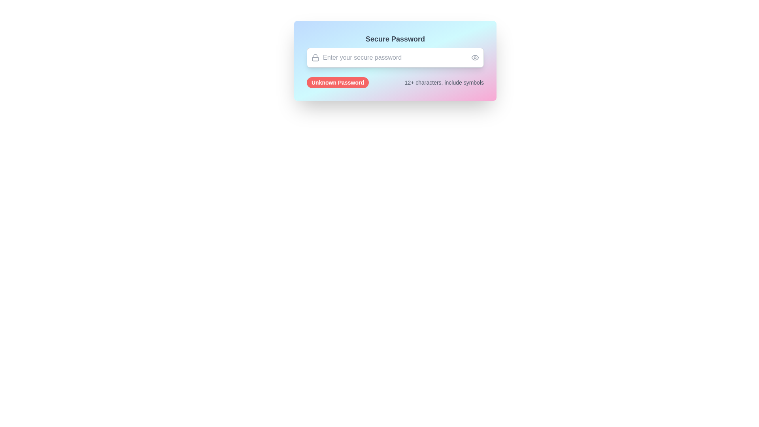 Image resolution: width=759 pixels, height=427 pixels. What do you see at coordinates (315, 59) in the screenshot?
I see `the rounded rectangle element within the lock icon, which is positioned in the lower section of the padlock, located to the left of the input field labeled 'Enter your secure password'` at bounding box center [315, 59].